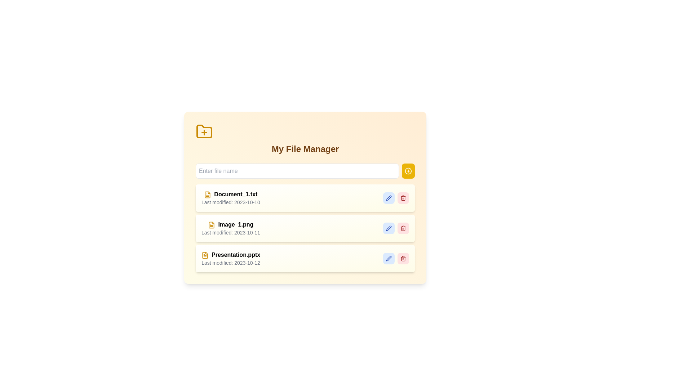 The image size is (692, 389). Describe the element at coordinates (236, 194) in the screenshot. I see `the bold text label displaying the filename 'Document_1.txt'` at that location.